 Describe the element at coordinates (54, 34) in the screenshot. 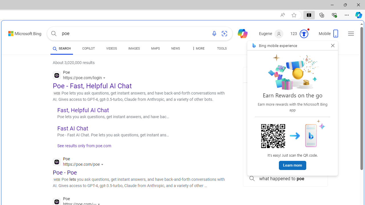

I see `'Search button'` at that location.